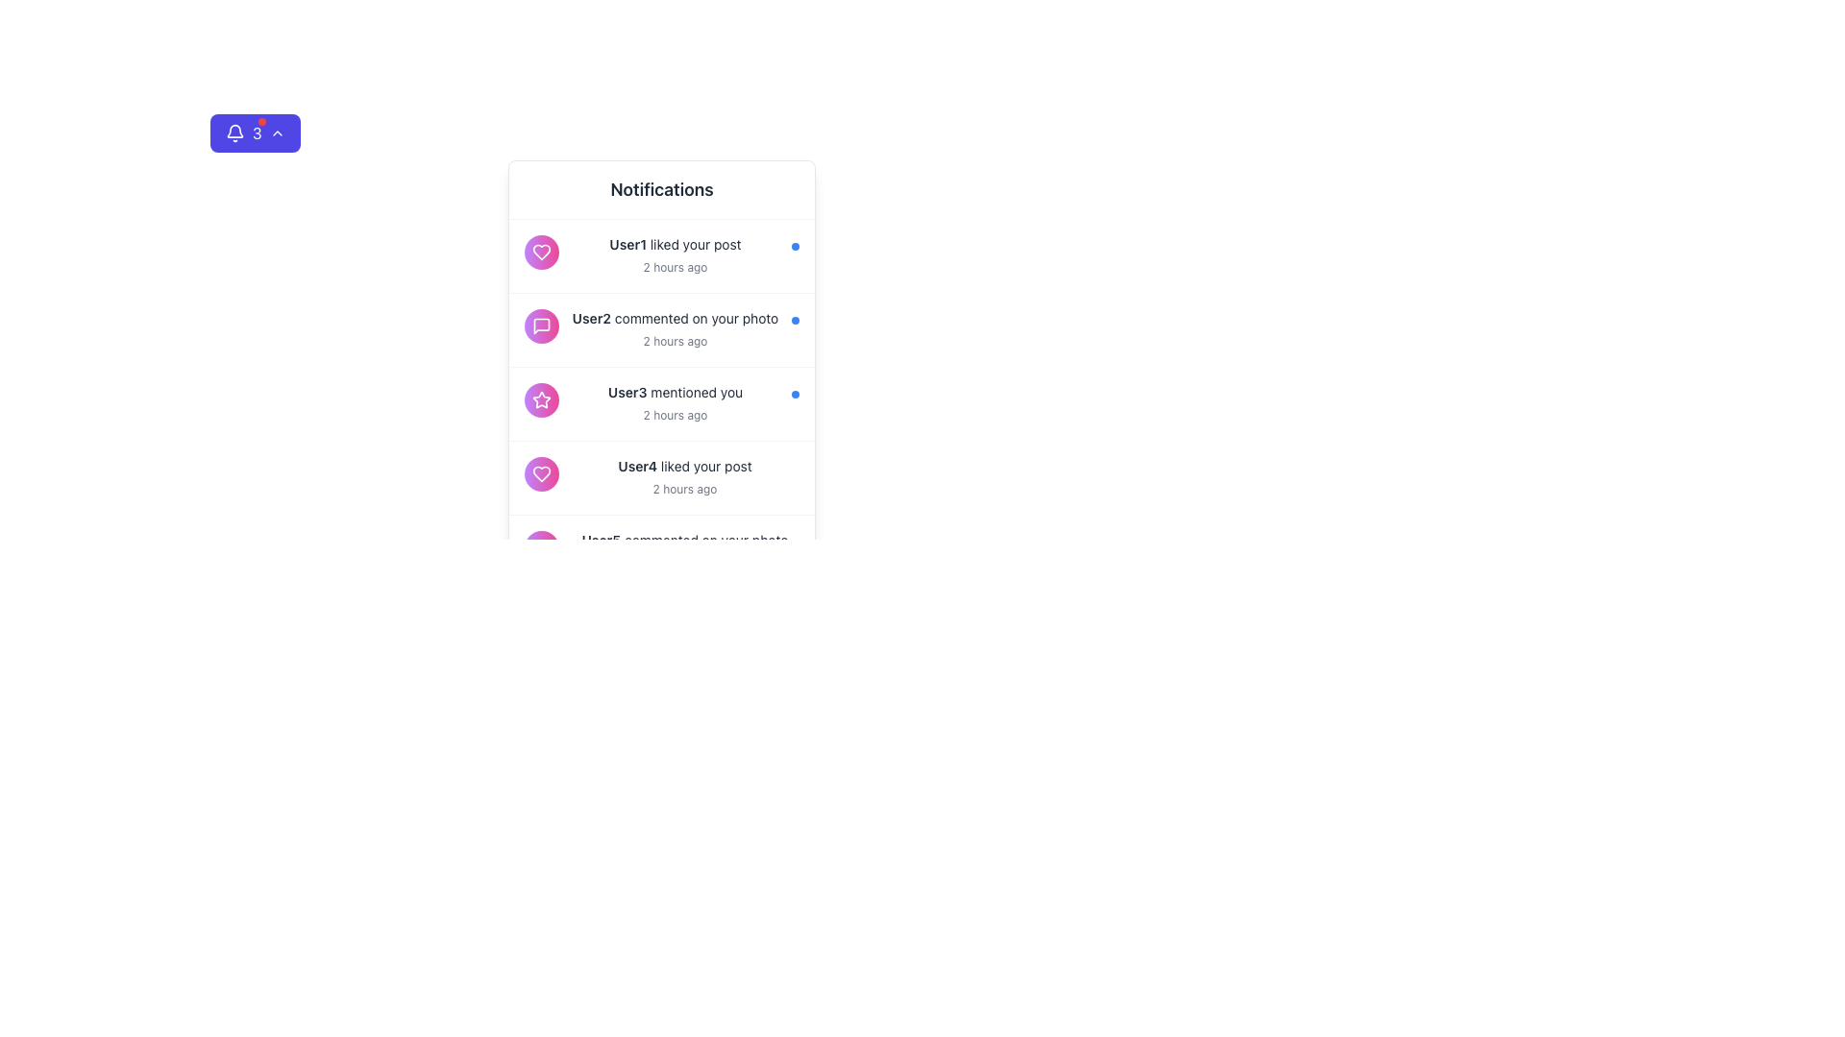  I want to click on notification text label that displays 'User1 liked your post', which is the uppermost notification in the list, so click(675, 243).